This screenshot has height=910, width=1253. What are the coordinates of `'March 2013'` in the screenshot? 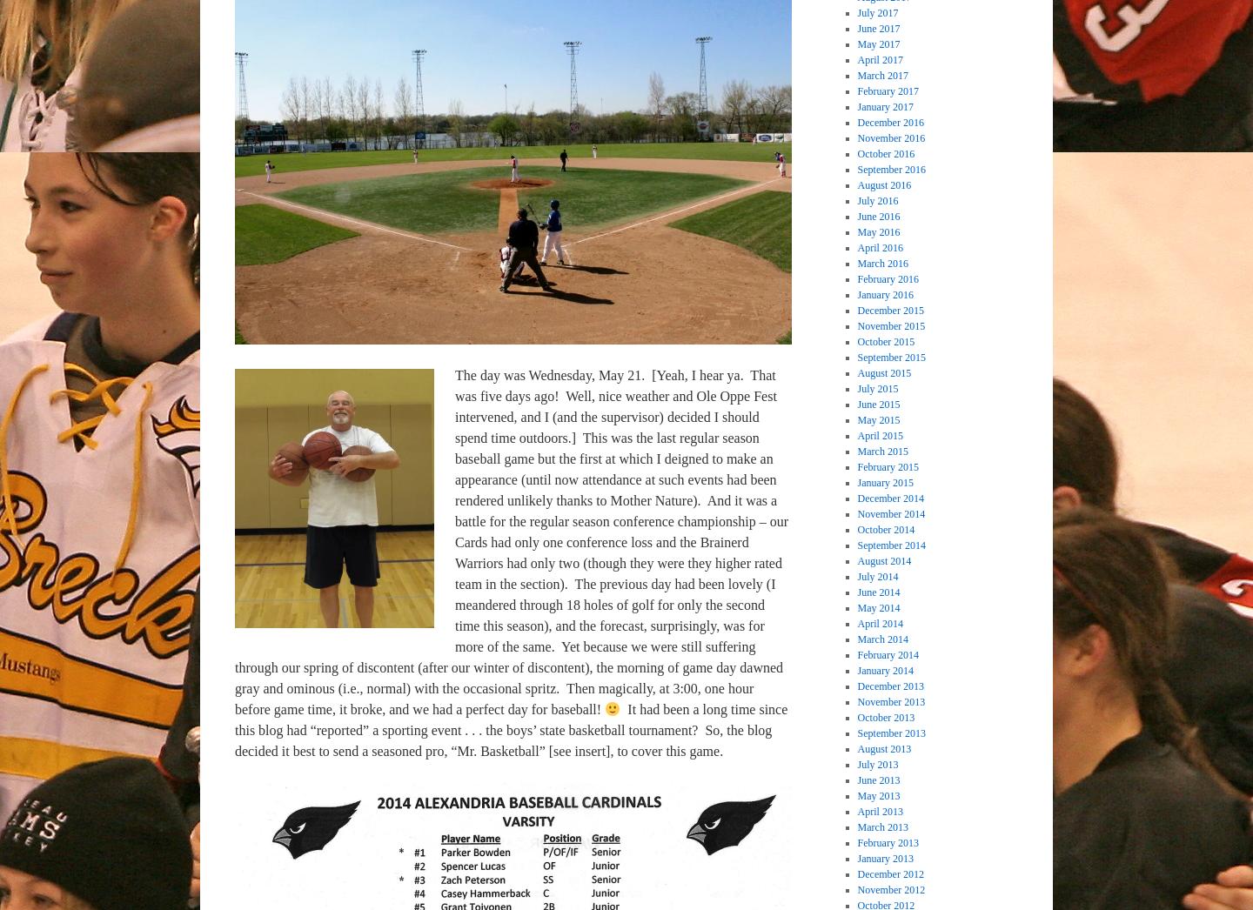 It's located at (881, 825).